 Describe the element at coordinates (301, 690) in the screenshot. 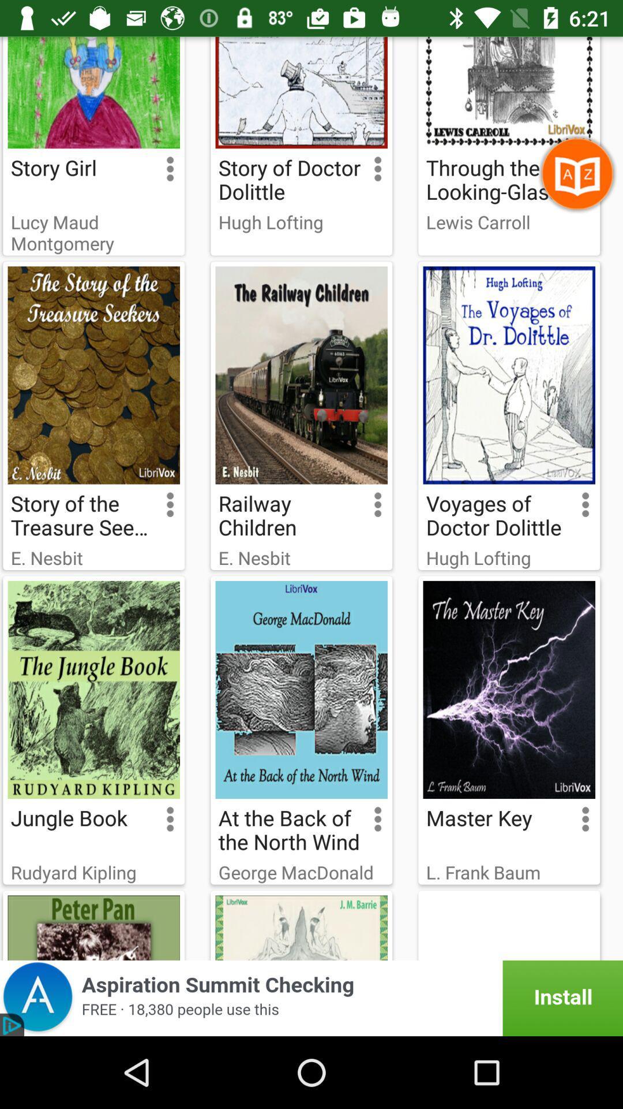

I see `the 2nd image from the 3rd row` at that location.